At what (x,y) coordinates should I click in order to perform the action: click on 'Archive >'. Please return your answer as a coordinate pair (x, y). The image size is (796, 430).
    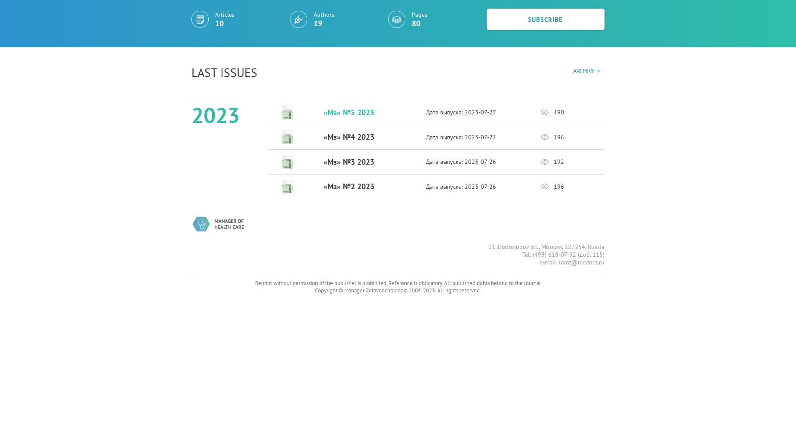
    Looking at the image, I should click on (586, 71).